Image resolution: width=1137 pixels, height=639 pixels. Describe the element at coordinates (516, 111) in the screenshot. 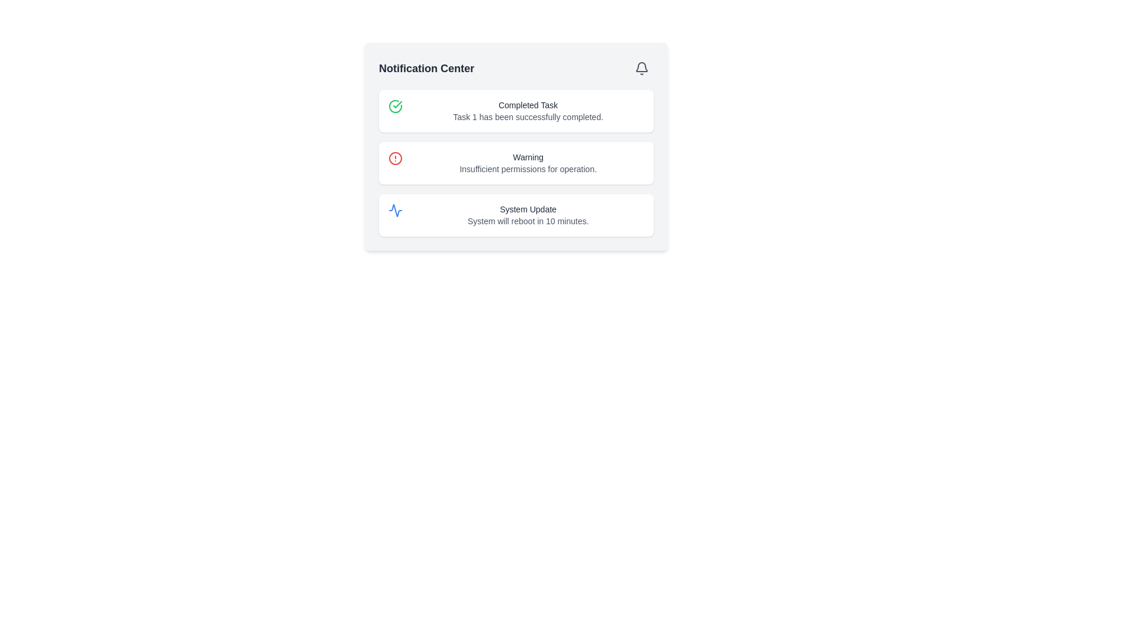

I see `the first notification card in the 'Notification Center' that informs the user about the successful completion of 'Task 1'` at that location.